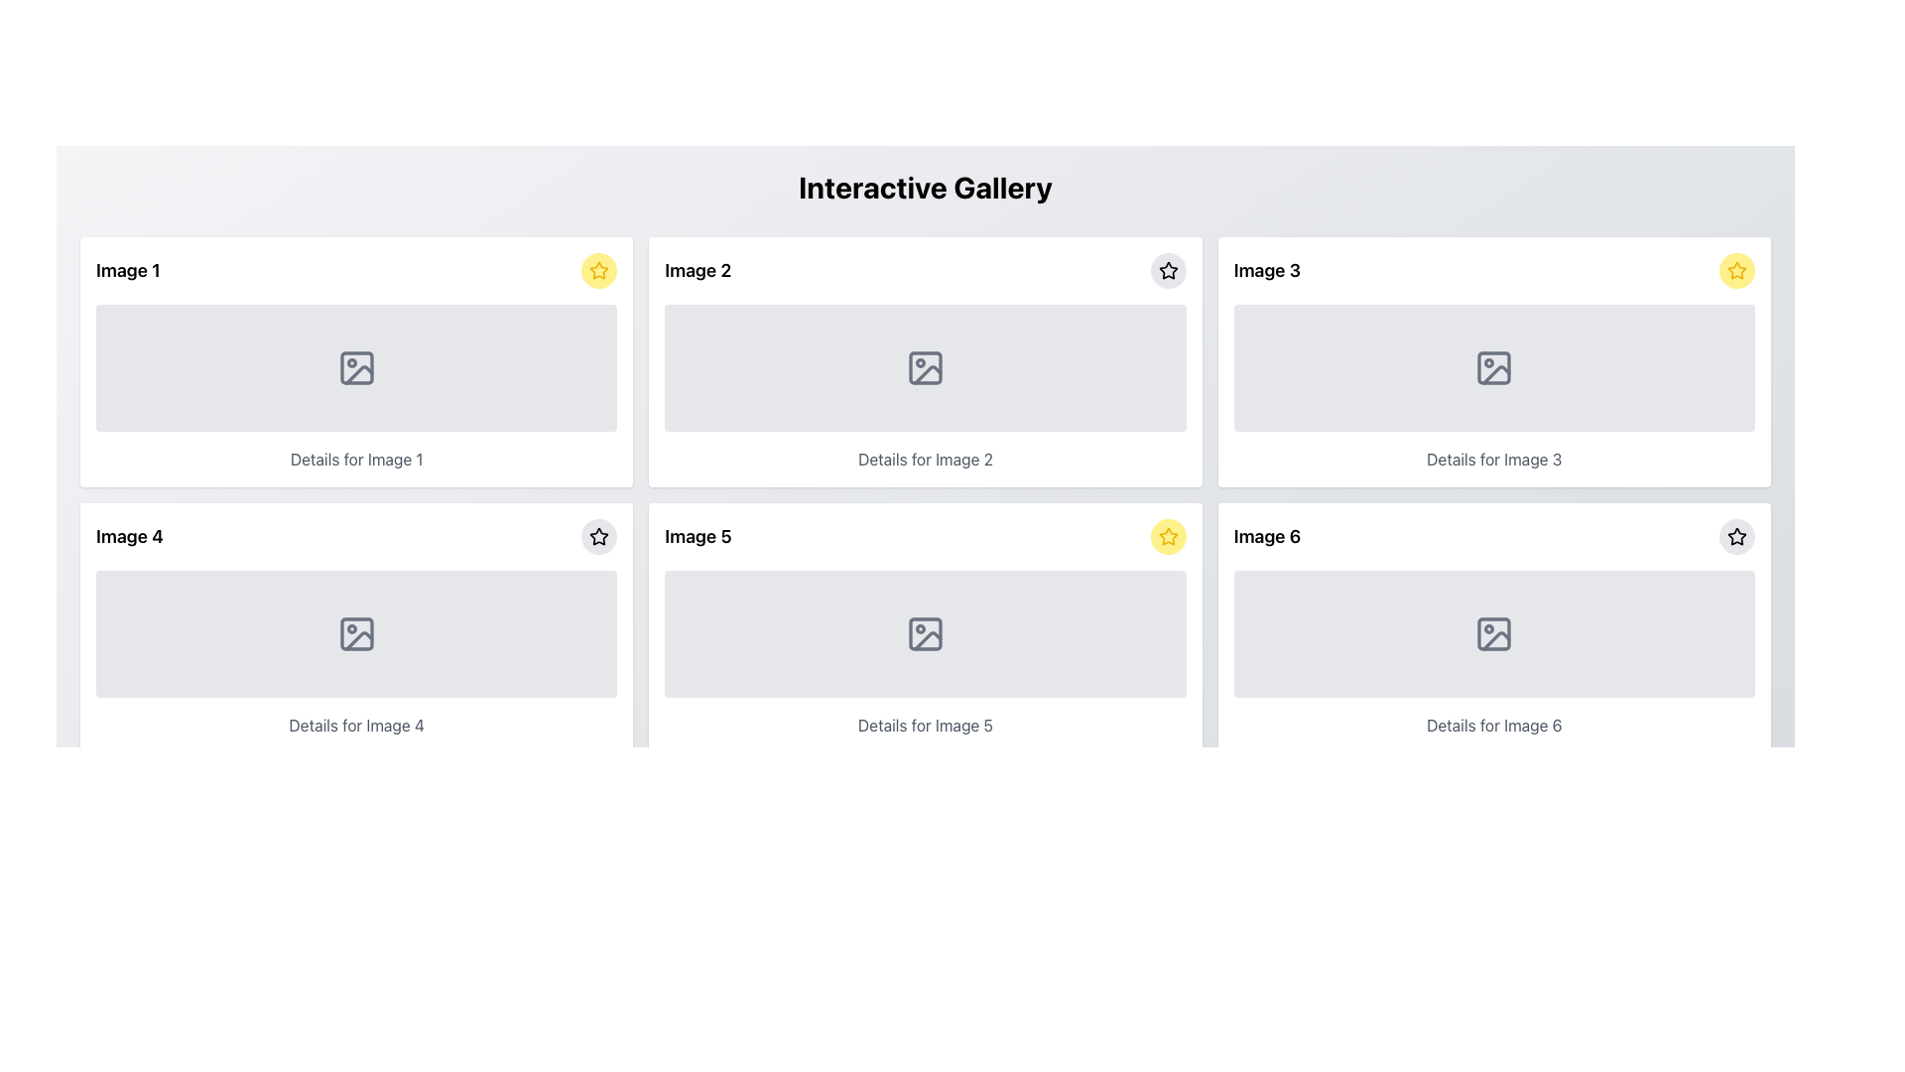  What do you see at coordinates (1736, 271) in the screenshot?
I see `the yellow star icon located in the top-right section of the interactive gallery` at bounding box center [1736, 271].